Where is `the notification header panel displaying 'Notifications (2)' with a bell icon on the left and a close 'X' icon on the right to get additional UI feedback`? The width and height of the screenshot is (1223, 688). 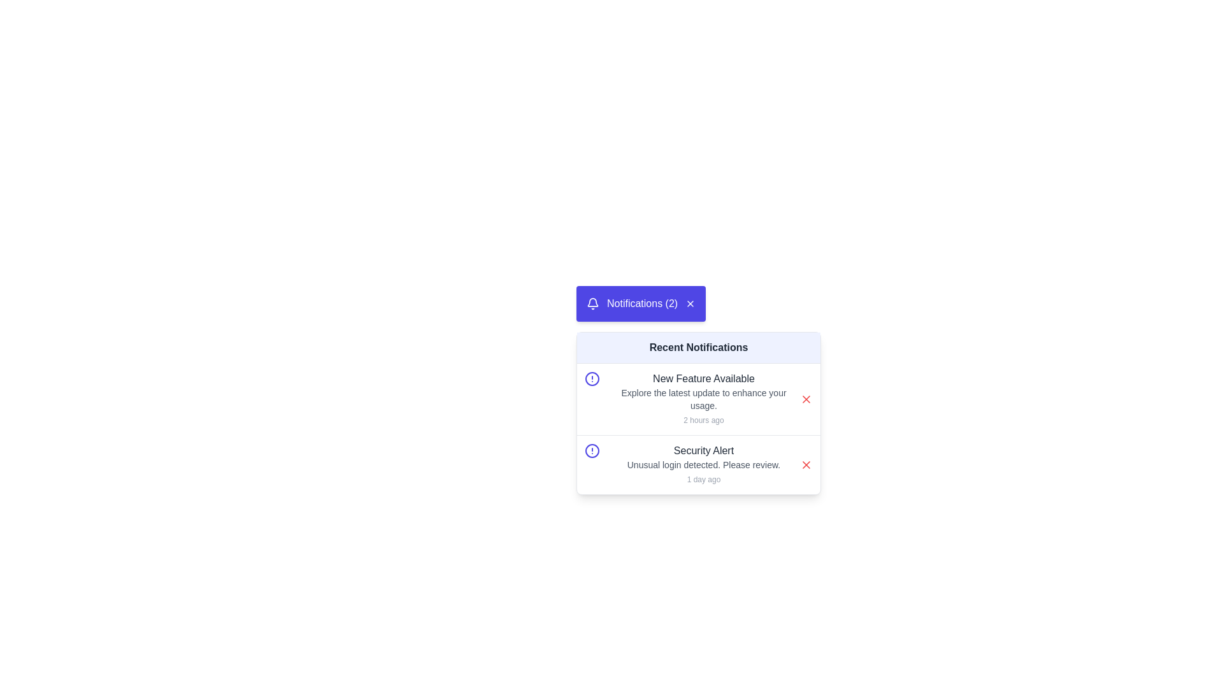
the notification header panel displaying 'Notifications (2)' with a bell icon on the left and a close 'X' icon on the right to get additional UI feedback is located at coordinates (641, 304).